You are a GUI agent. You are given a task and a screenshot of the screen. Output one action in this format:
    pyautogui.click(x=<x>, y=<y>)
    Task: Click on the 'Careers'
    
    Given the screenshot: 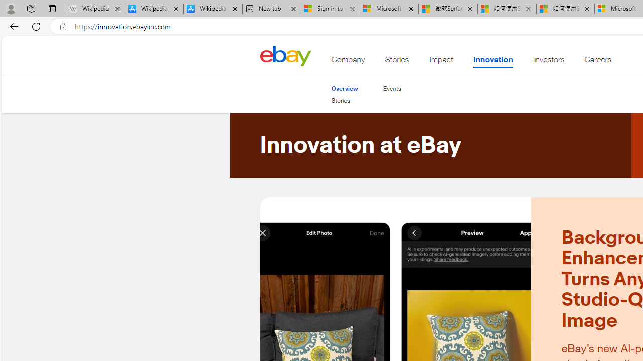 What is the action you would take?
    pyautogui.click(x=598, y=62)
    